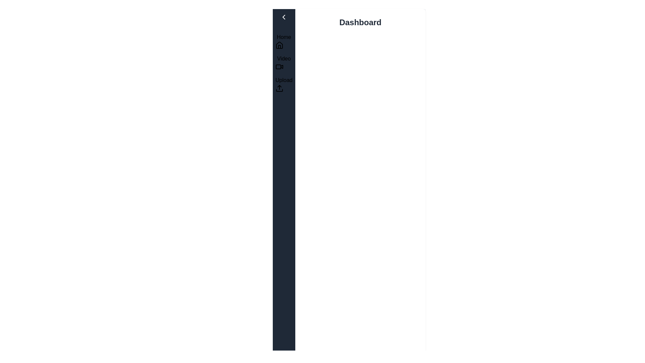  I want to click on the 'Video' menu item in the sidebar, so click(284, 63).